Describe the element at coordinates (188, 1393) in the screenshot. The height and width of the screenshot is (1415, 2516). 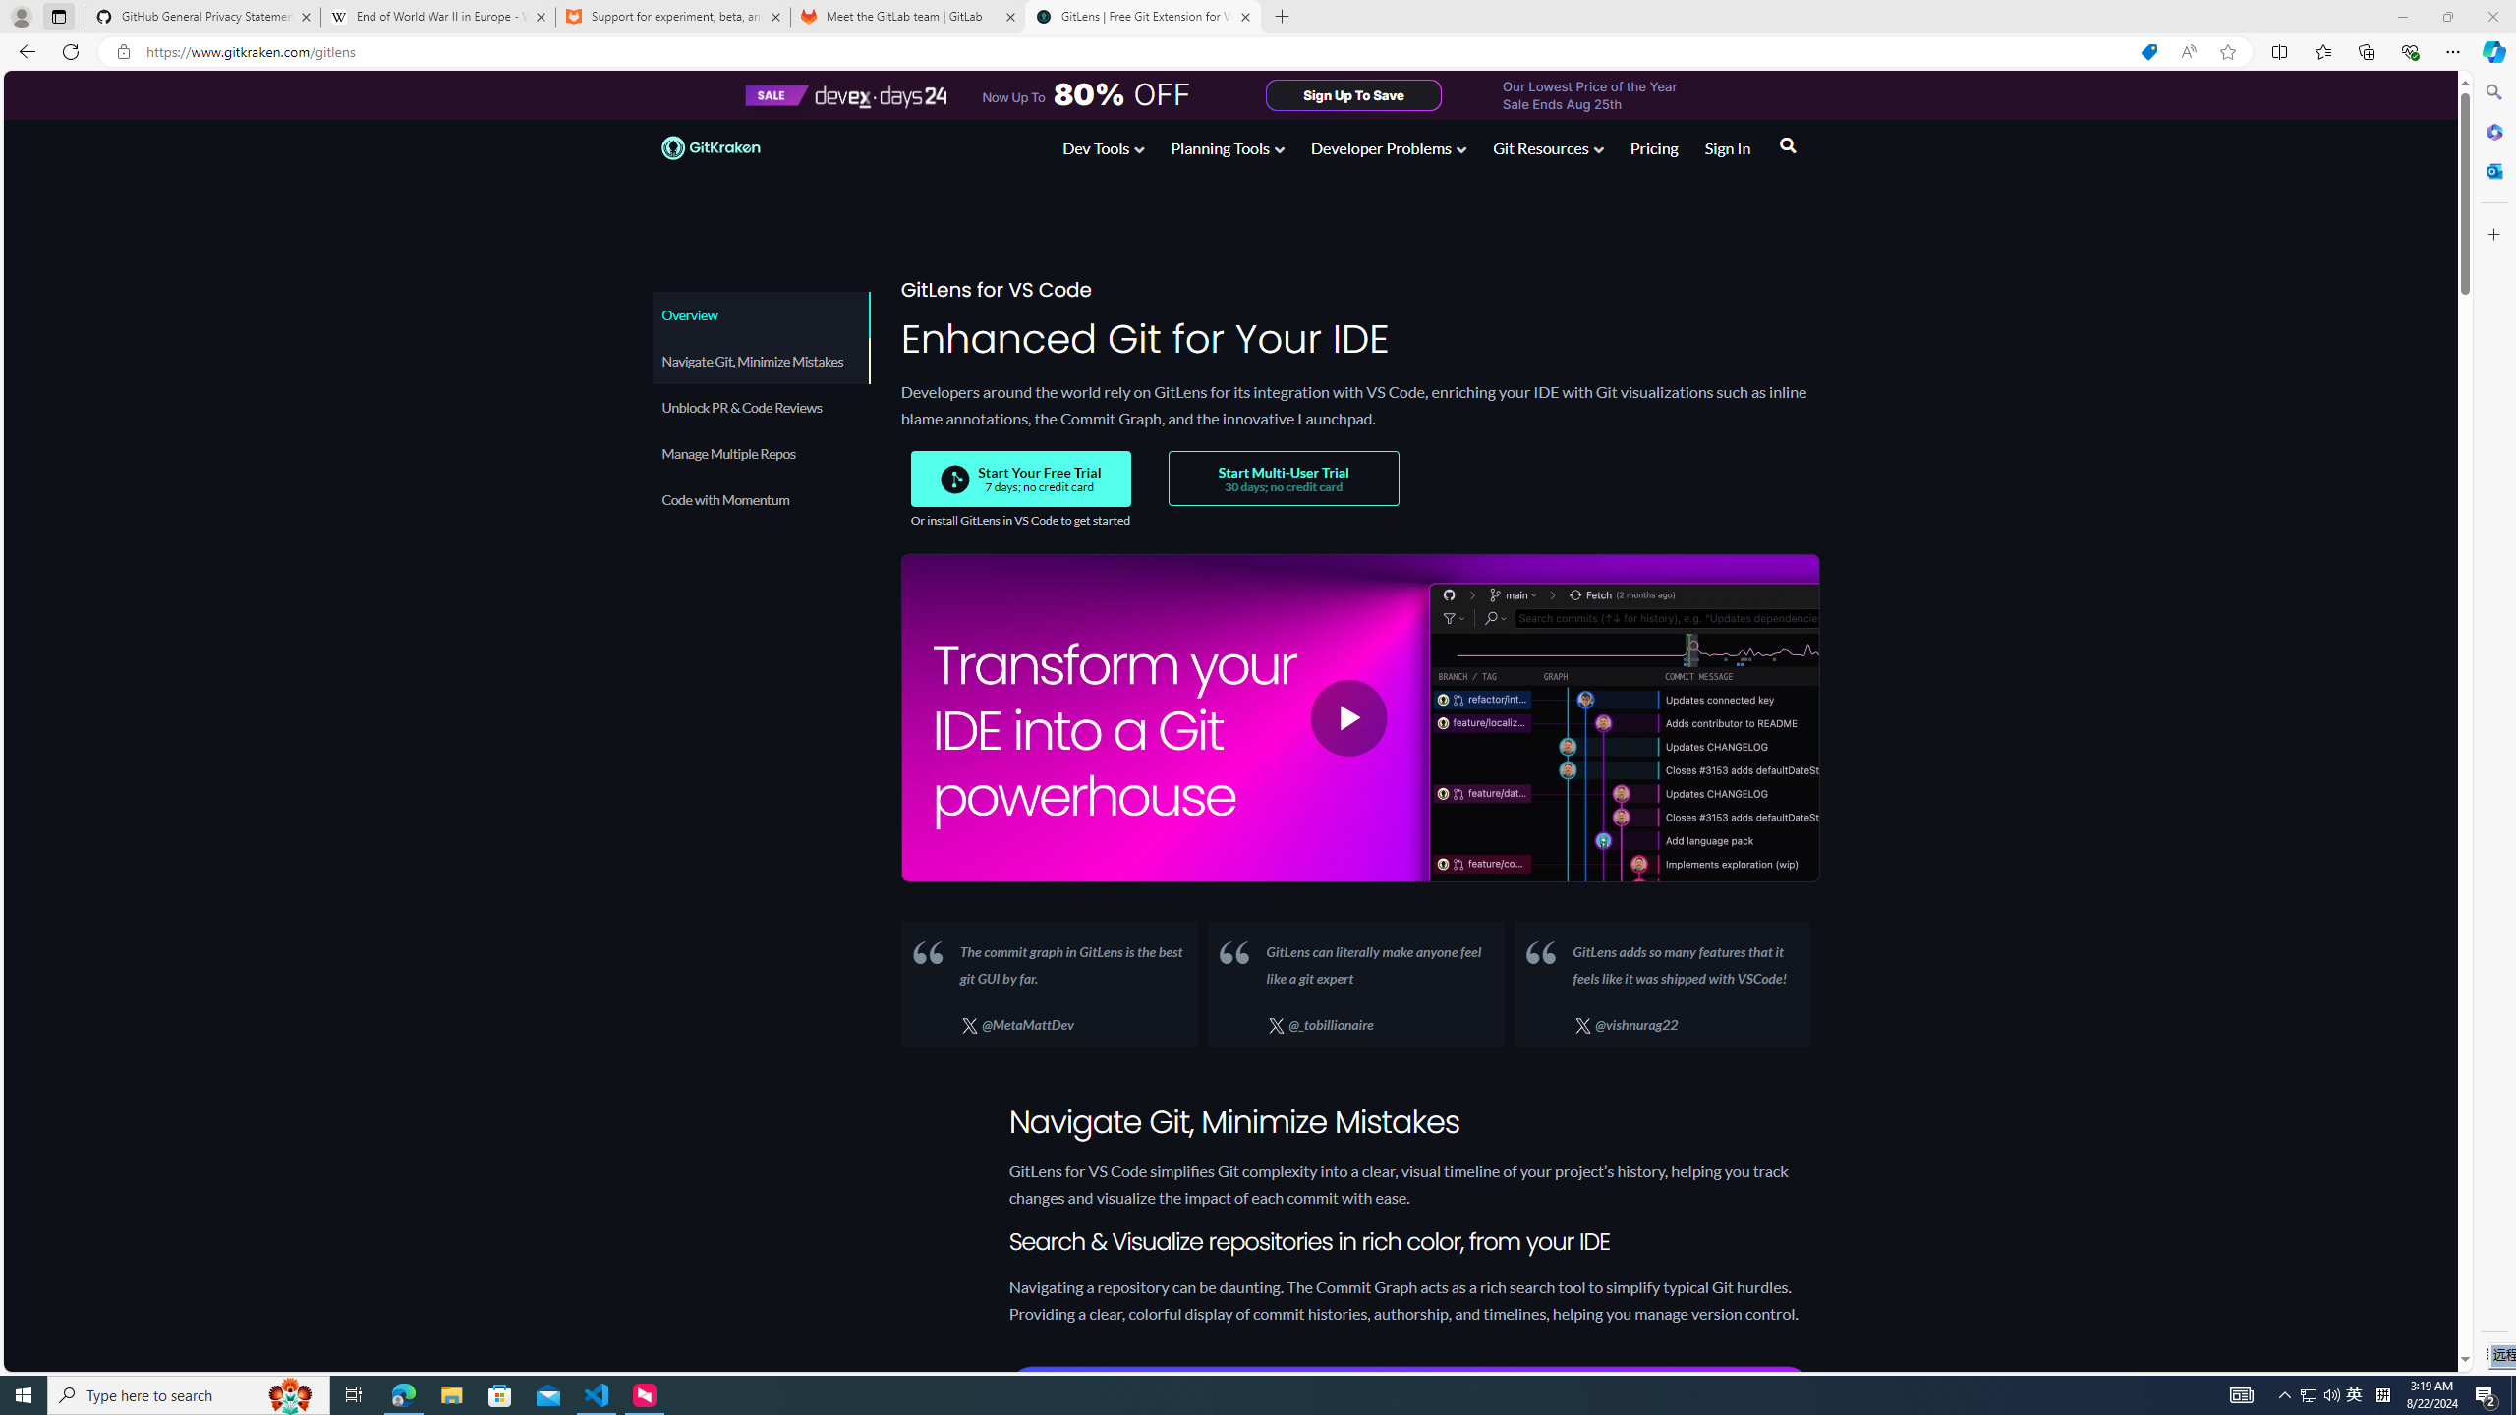
I see `'Type here to search'` at that location.